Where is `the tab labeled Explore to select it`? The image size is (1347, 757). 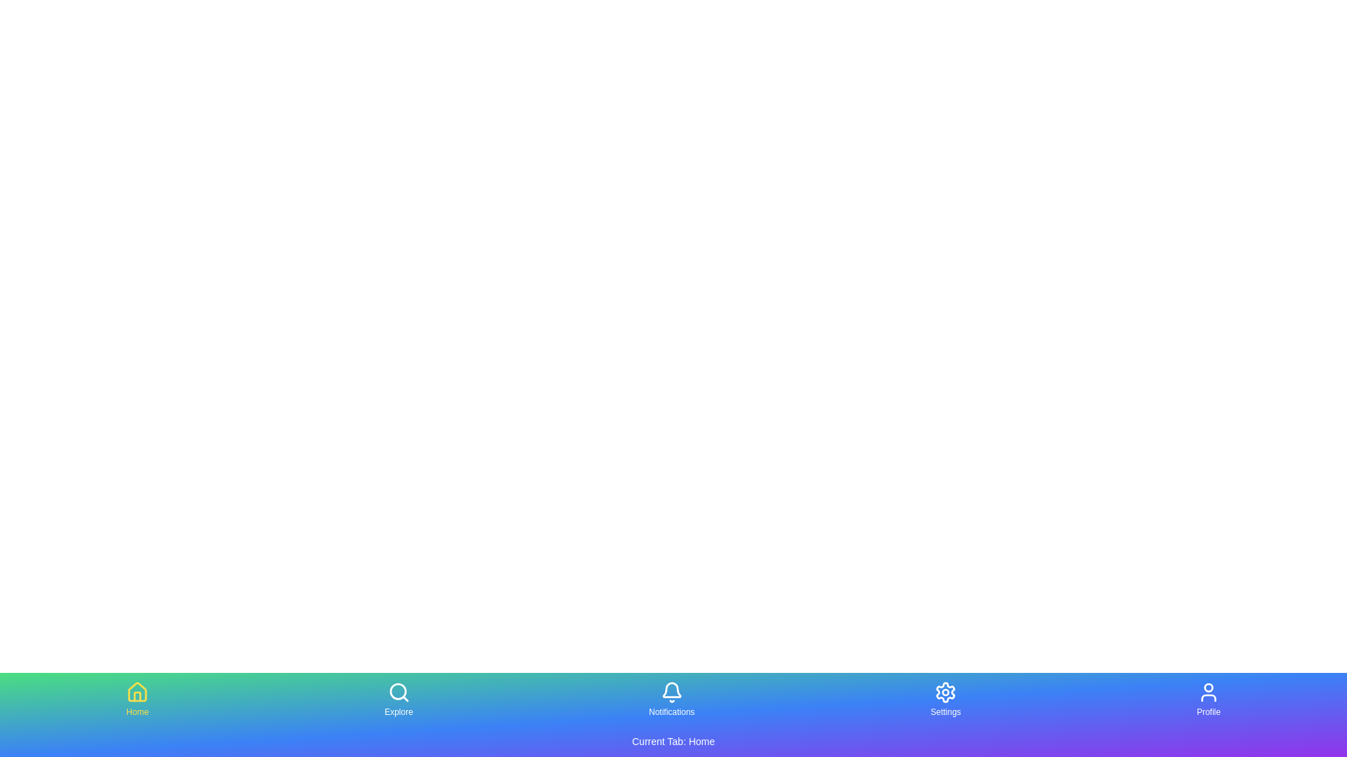
the tab labeled Explore to select it is located at coordinates (397, 700).